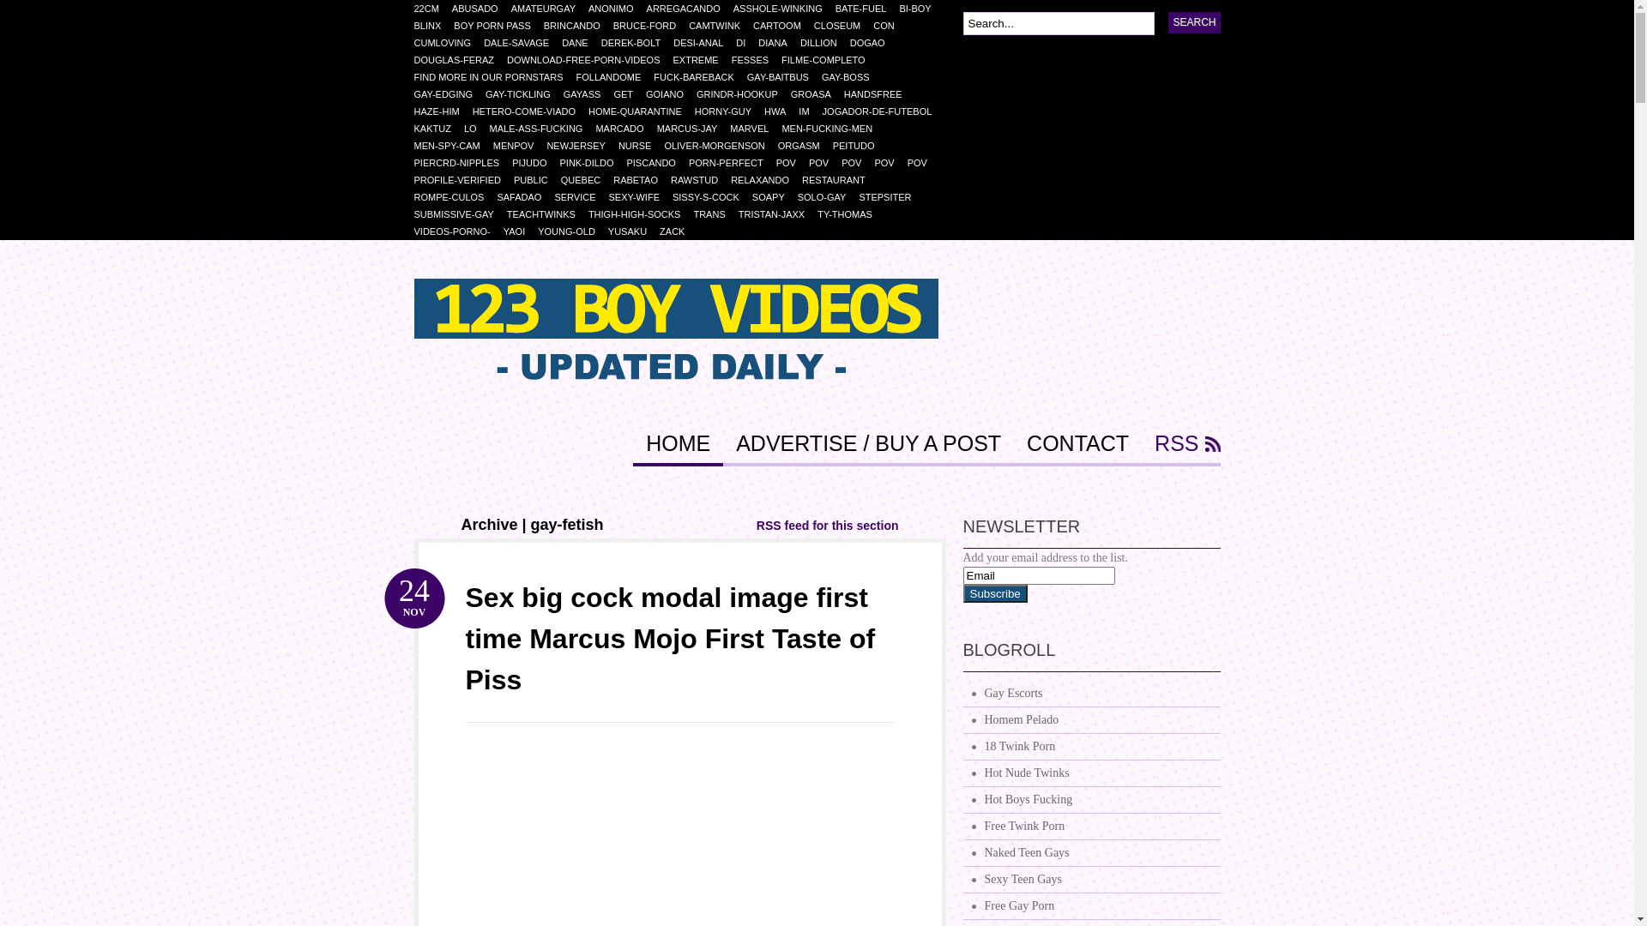 This screenshot has width=1647, height=926. What do you see at coordinates (1077, 448) in the screenshot?
I see `'CONTACT'` at bounding box center [1077, 448].